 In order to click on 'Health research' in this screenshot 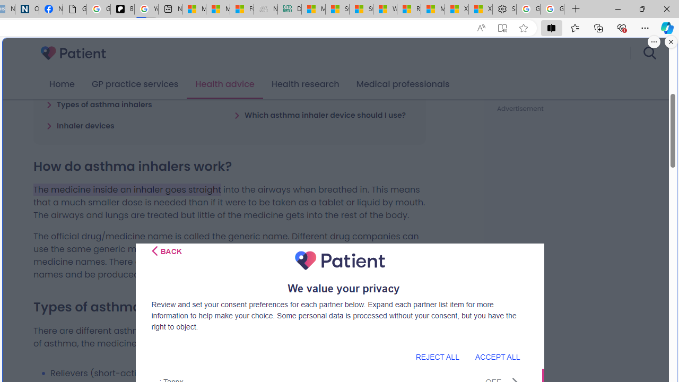, I will do `click(304, 84)`.